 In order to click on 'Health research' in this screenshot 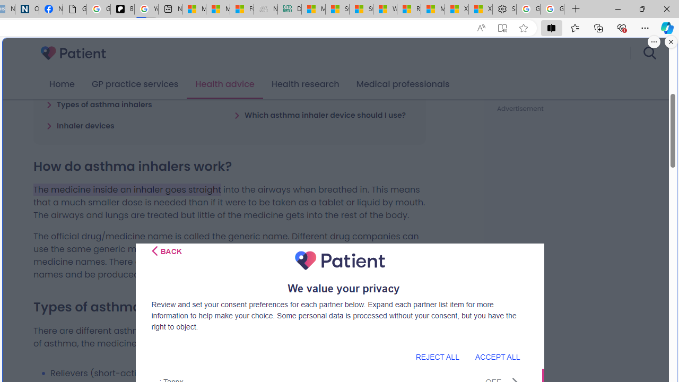, I will do `click(304, 84)`.